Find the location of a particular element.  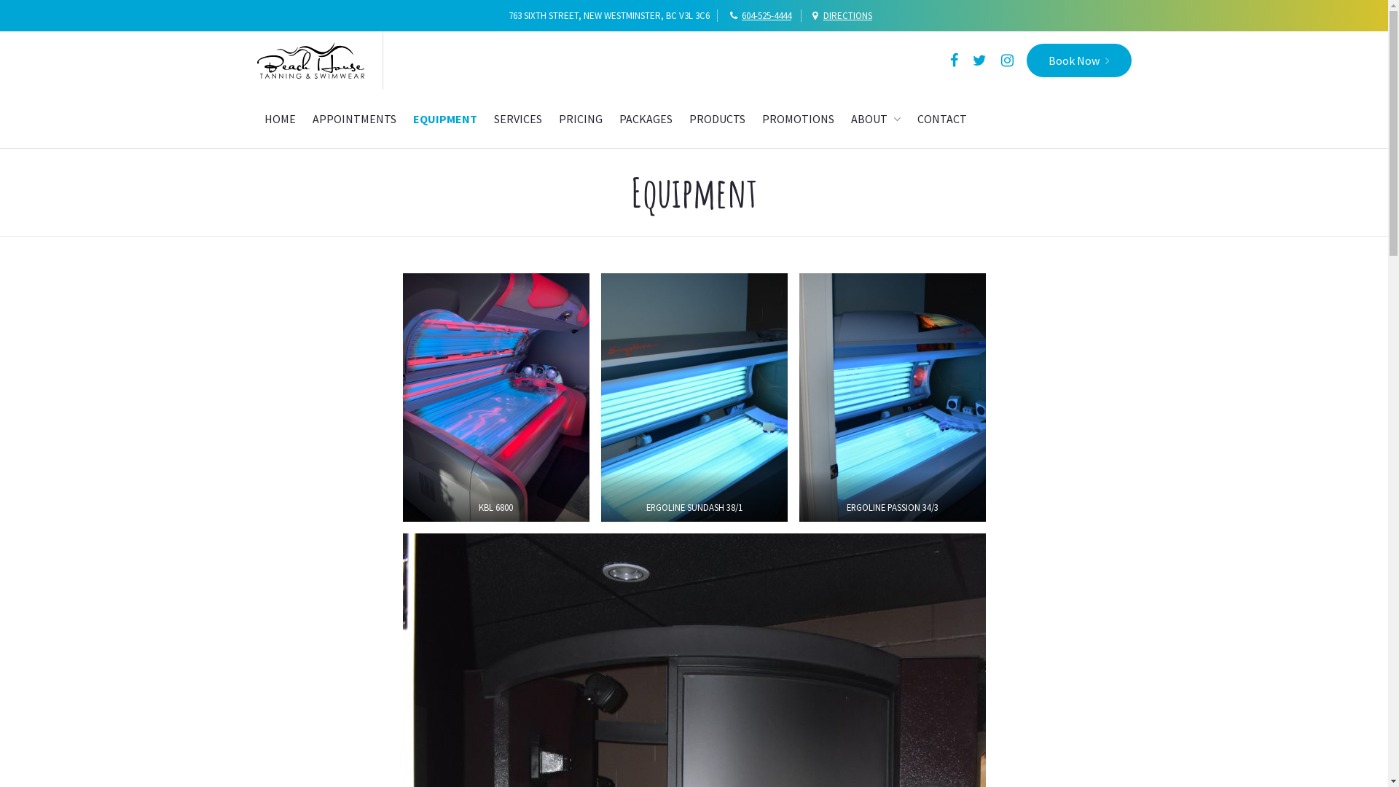

'Facebook' is located at coordinates (954, 60).